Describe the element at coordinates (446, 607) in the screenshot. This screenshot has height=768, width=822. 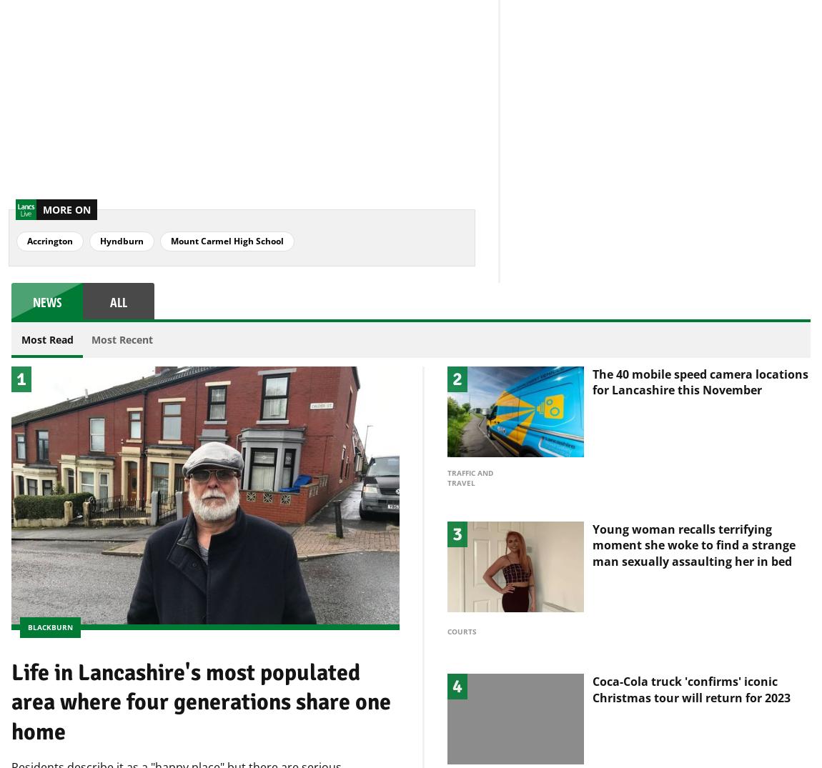
I see `'Courts'` at that location.